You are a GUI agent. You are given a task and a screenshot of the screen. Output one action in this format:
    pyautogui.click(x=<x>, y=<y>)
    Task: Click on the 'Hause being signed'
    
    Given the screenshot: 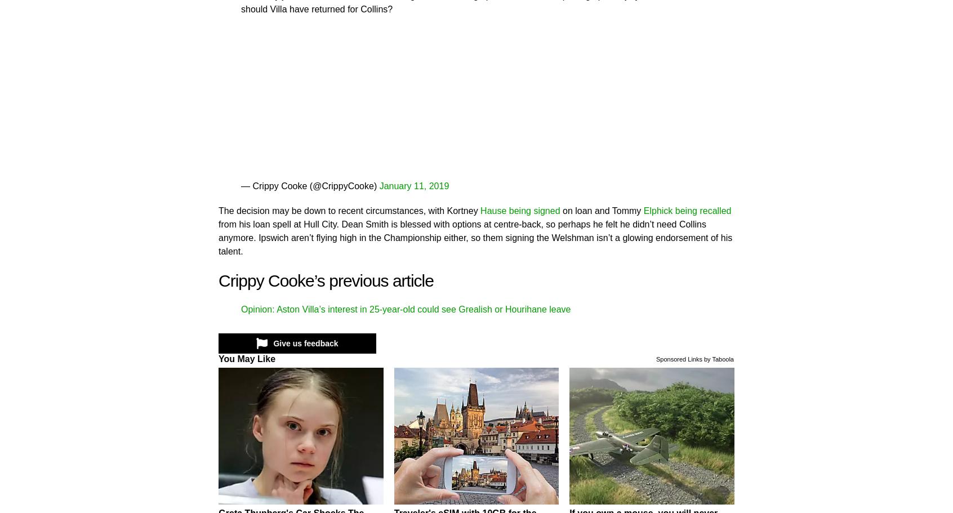 What is the action you would take?
    pyautogui.click(x=520, y=210)
    